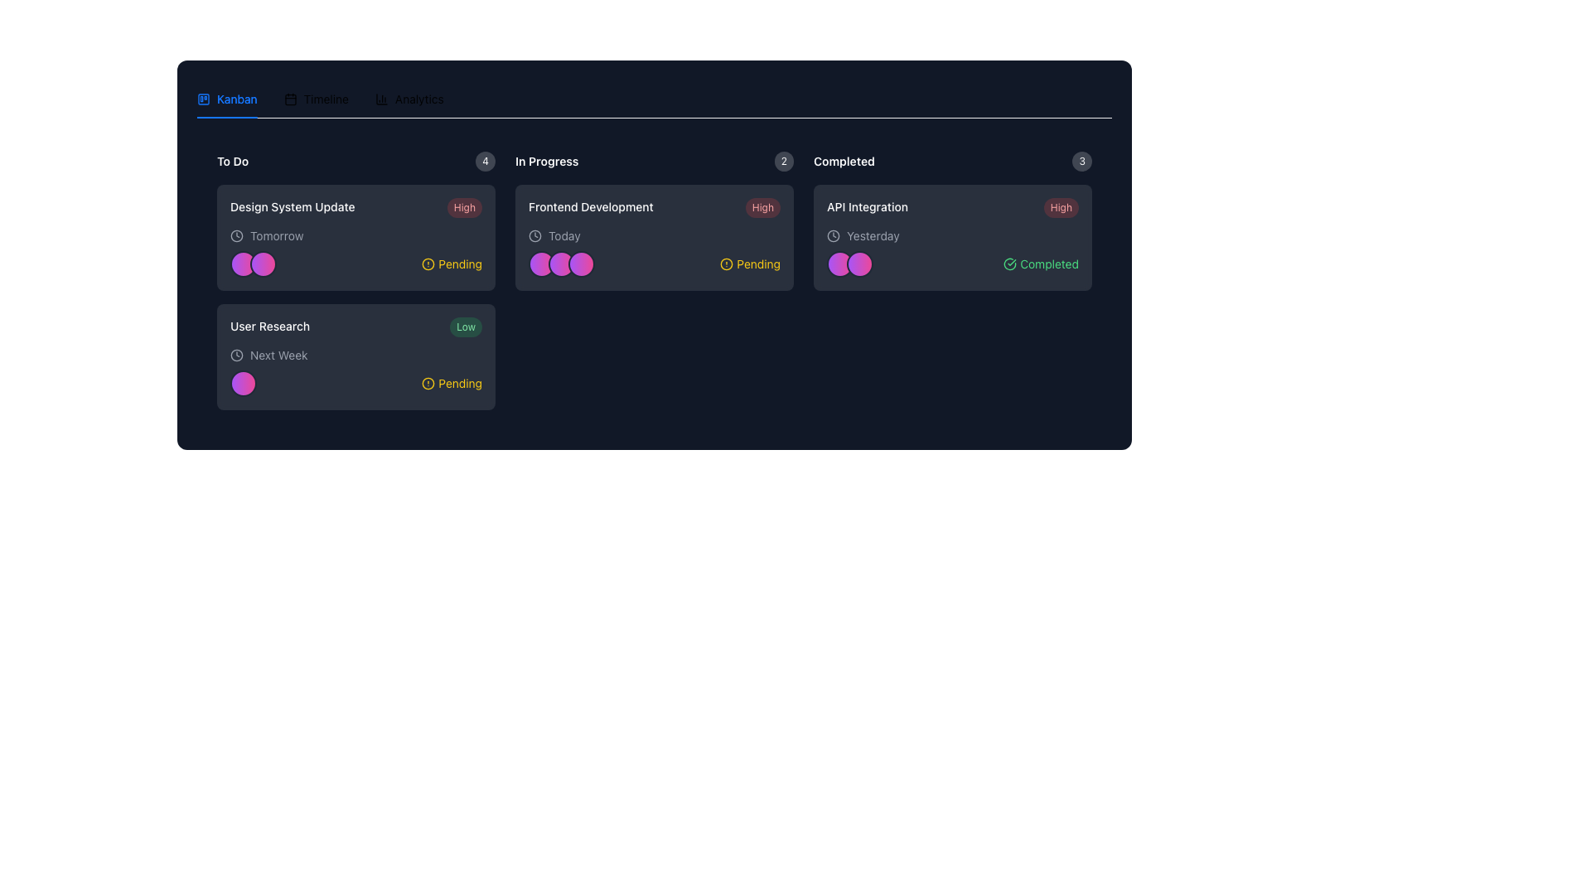  I want to click on the task card titled 'Frontend Development', which is currently marked as 'In Progress', so click(654, 280).